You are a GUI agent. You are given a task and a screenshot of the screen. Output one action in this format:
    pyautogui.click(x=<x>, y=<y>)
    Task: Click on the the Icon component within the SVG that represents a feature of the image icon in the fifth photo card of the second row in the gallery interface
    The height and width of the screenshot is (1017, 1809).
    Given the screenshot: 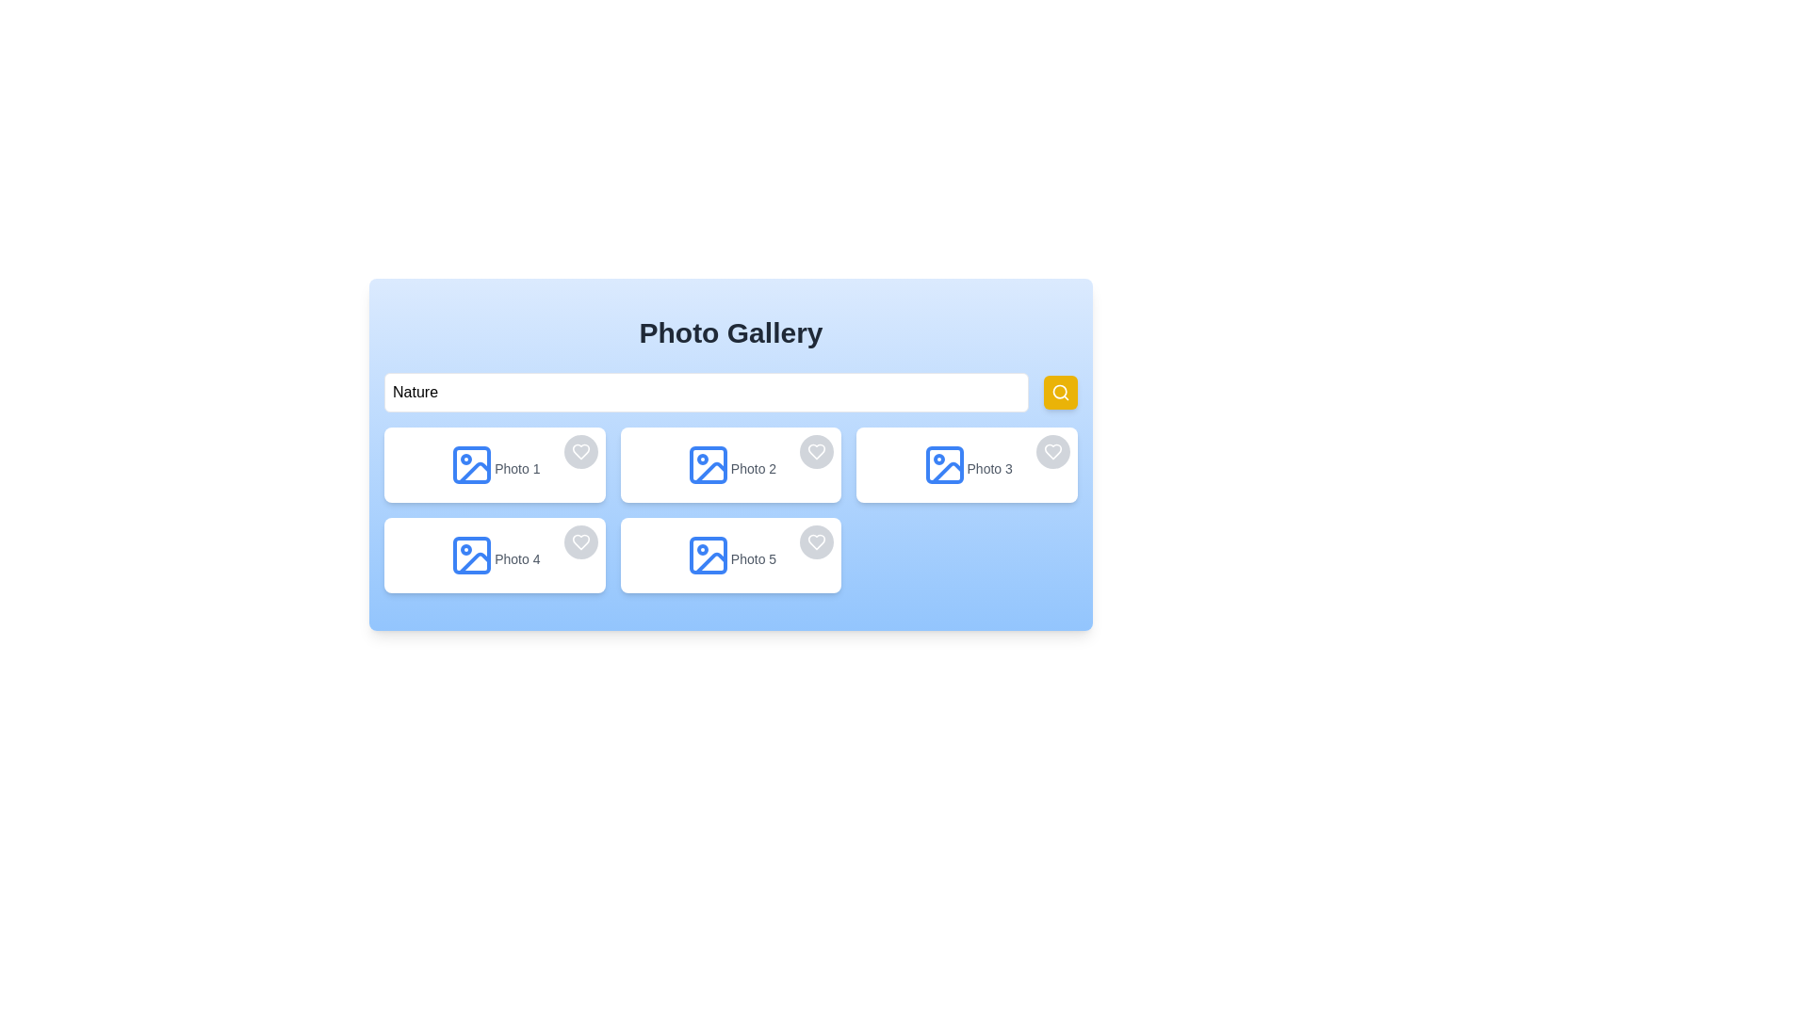 What is the action you would take?
    pyautogui.click(x=709, y=562)
    